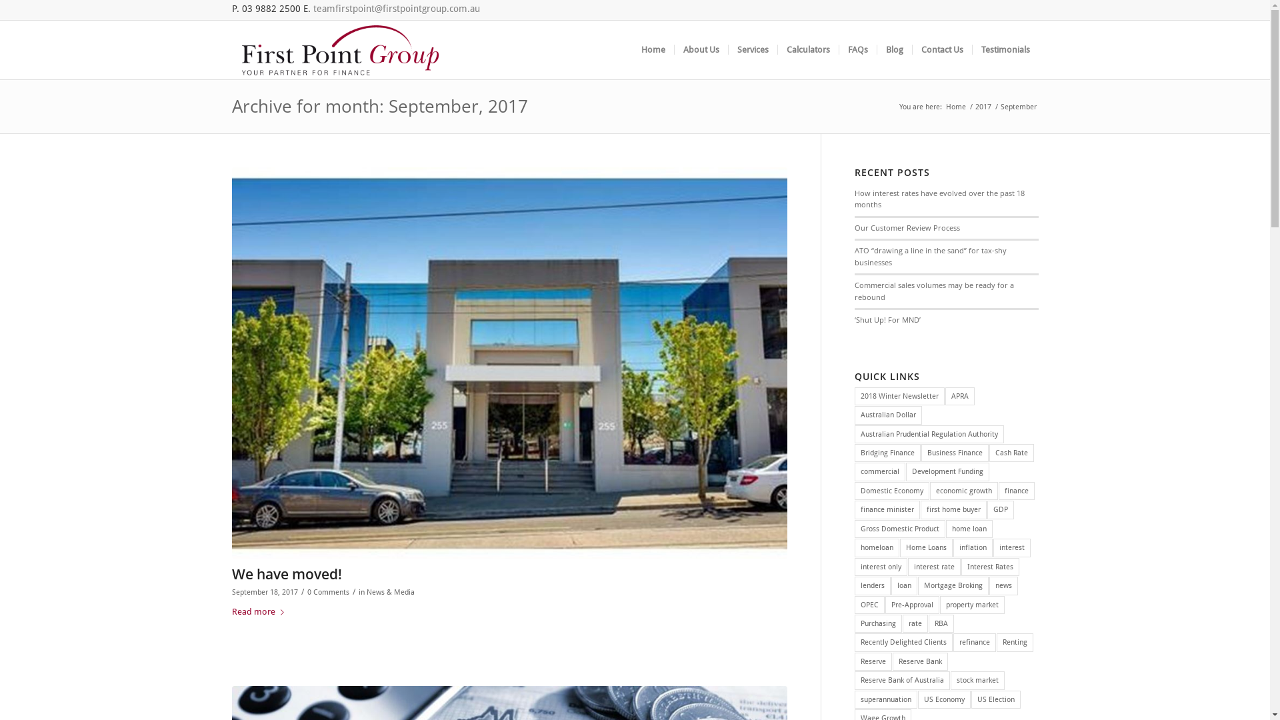  I want to click on '2018 Winter Newsletter', so click(899, 395).